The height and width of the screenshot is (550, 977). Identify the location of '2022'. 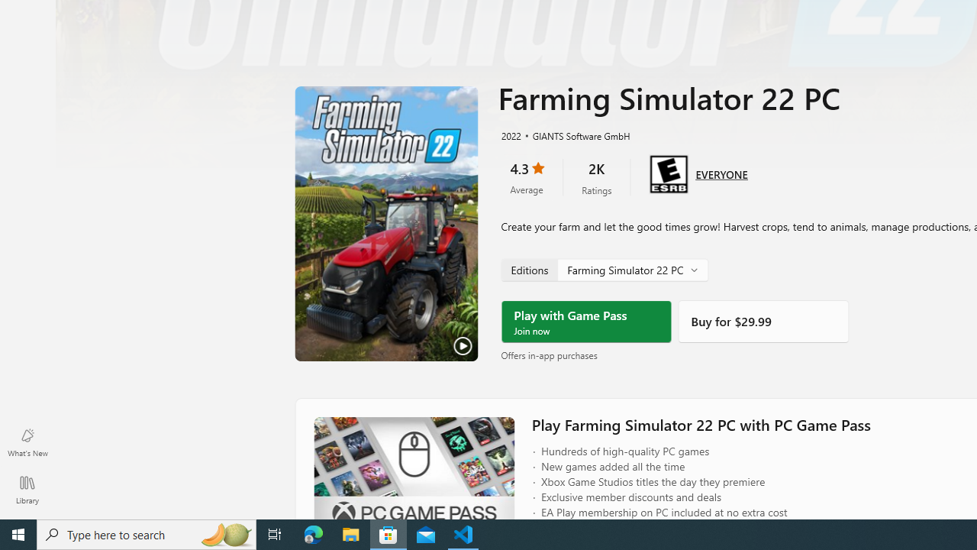
(510, 134).